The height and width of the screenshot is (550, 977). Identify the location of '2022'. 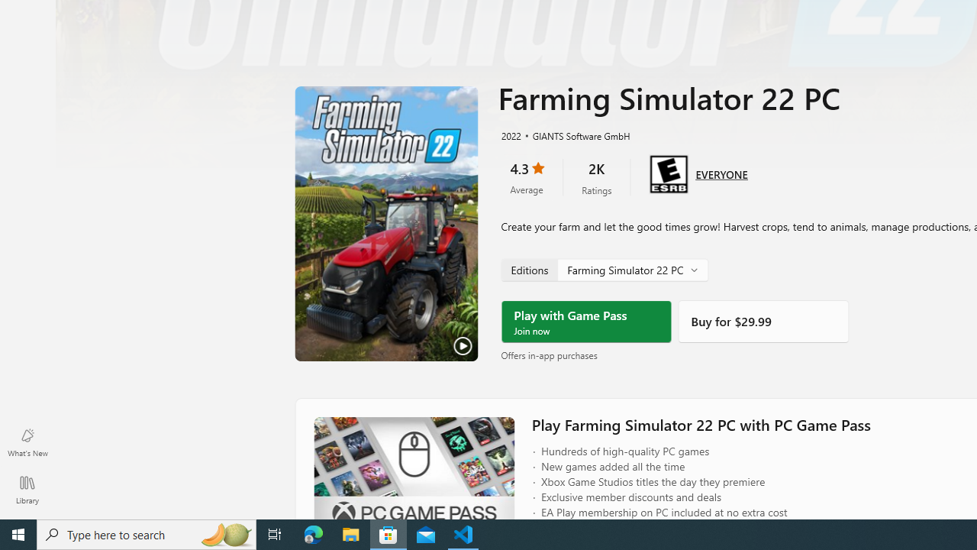
(510, 134).